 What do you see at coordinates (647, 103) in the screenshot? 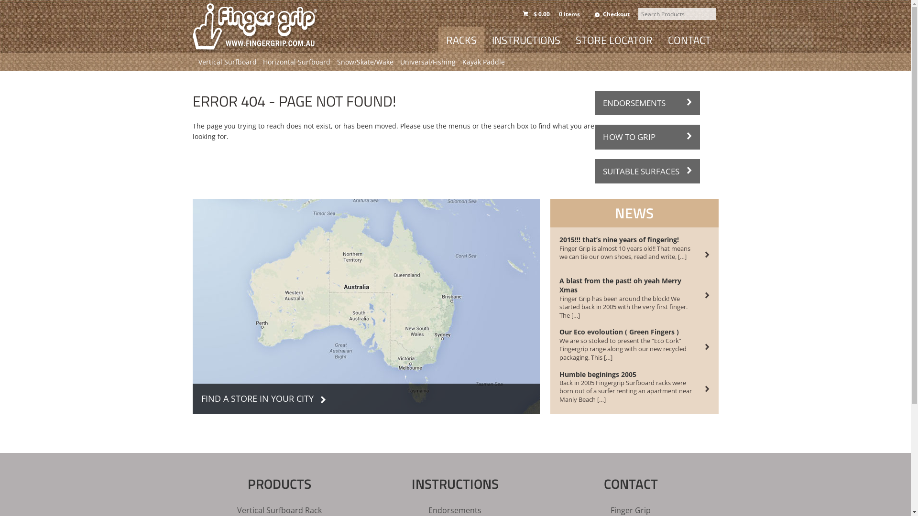
I see `'ENDORSEMENTS'` at bounding box center [647, 103].